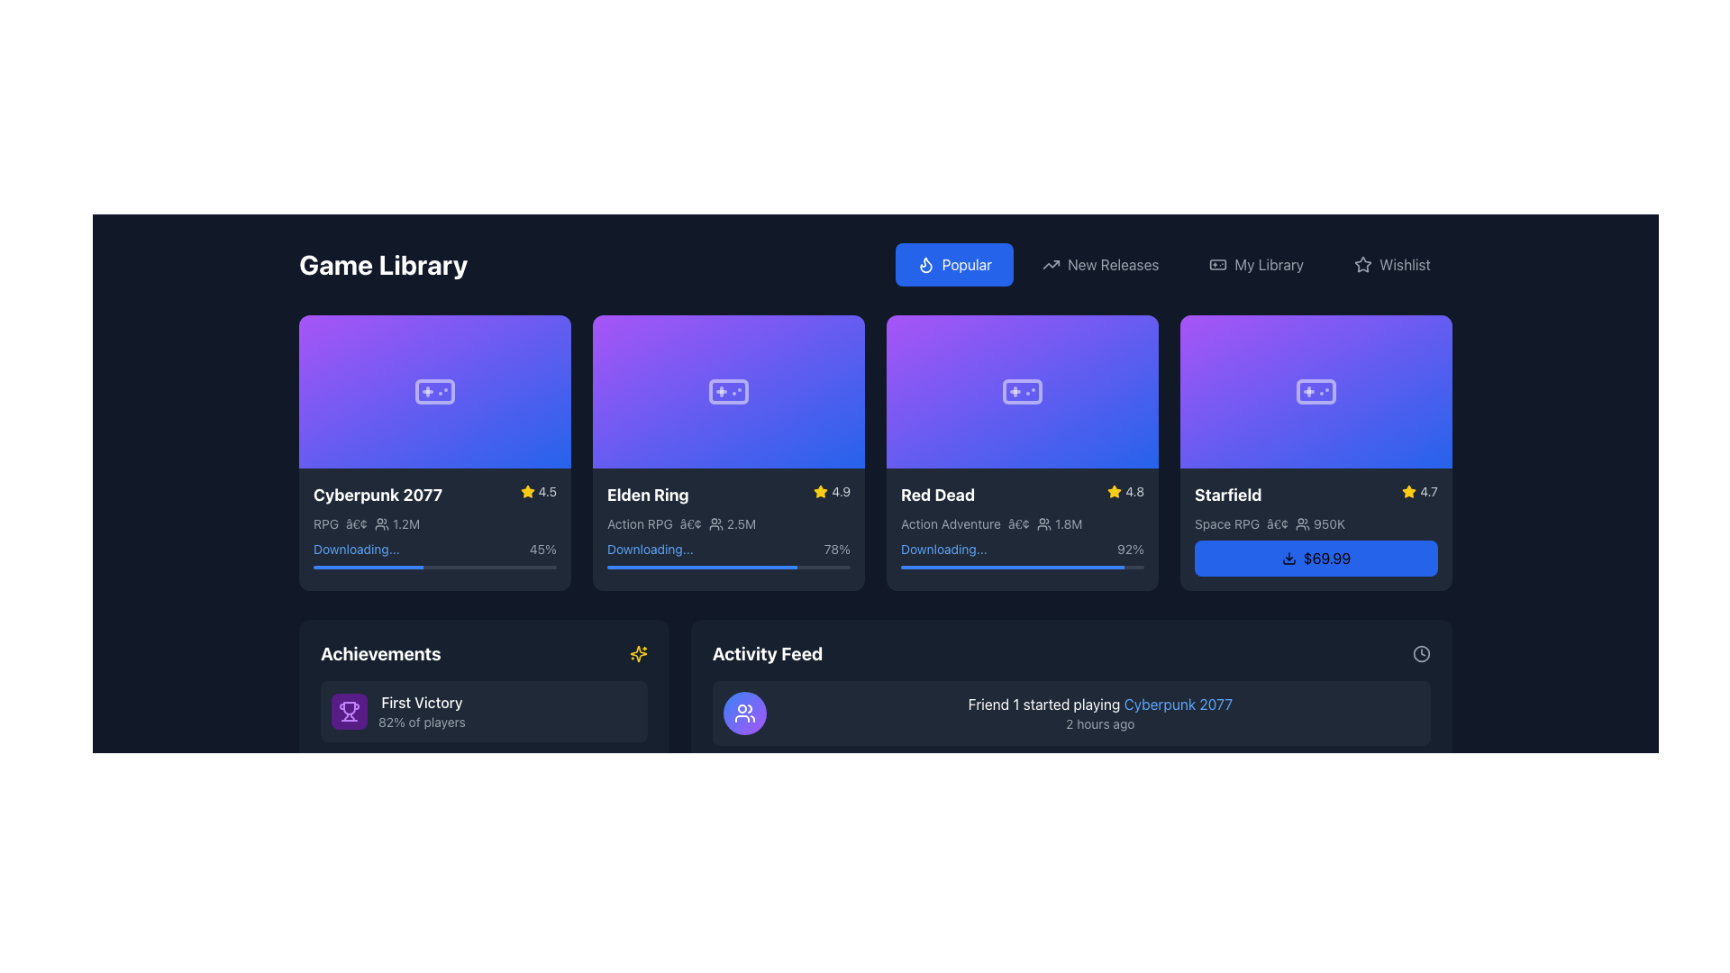 The height and width of the screenshot is (973, 1730). Describe the element at coordinates (1069, 523) in the screenshot. I see `the text label displaying '1.8M' which is styled in light gray against a dark background, located in the 'Red Dead' game card` at that location.